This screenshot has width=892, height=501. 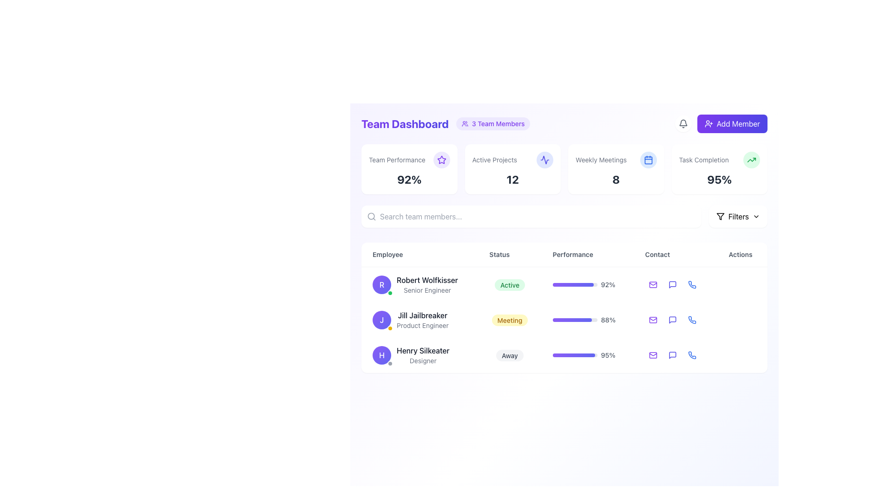 I want to click on the horizontal progress bar under the 'Performance' column corresponding to 'Jill Jailbreaker', which indicates a progress of 88%, so click(x=574, y=320).